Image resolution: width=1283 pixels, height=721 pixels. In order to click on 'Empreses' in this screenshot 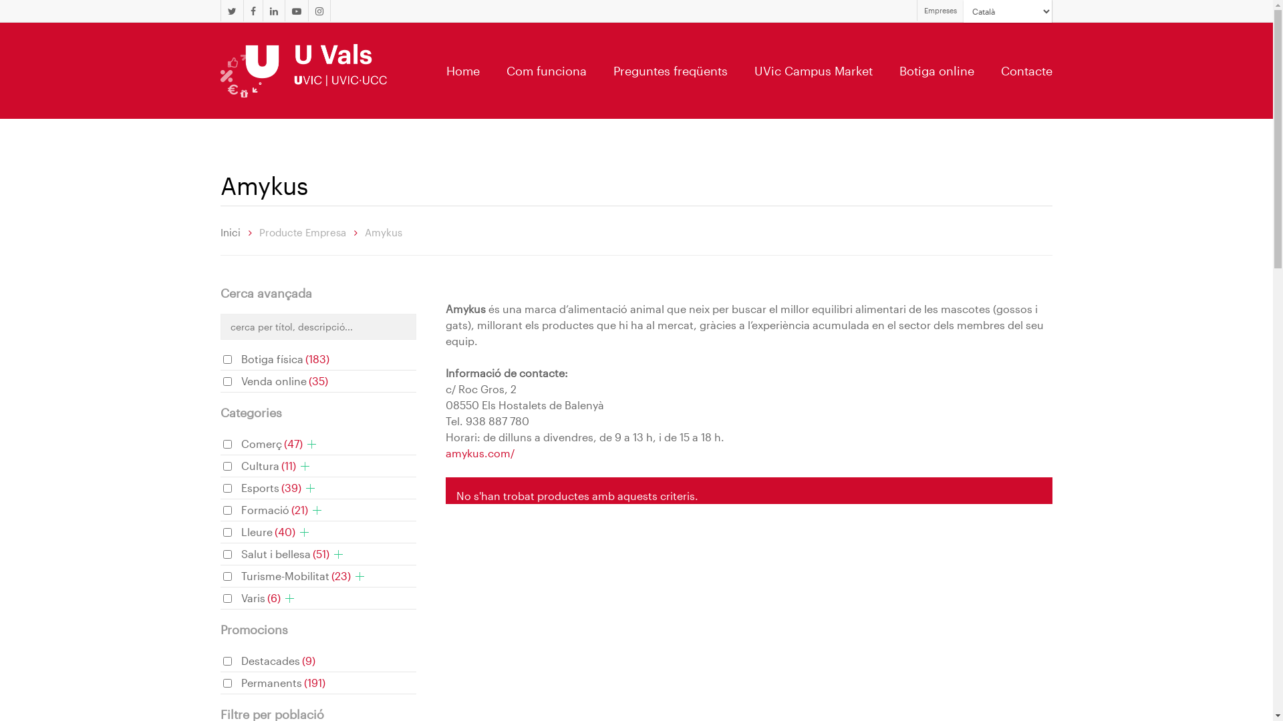, I will do `click(916, 10)`.